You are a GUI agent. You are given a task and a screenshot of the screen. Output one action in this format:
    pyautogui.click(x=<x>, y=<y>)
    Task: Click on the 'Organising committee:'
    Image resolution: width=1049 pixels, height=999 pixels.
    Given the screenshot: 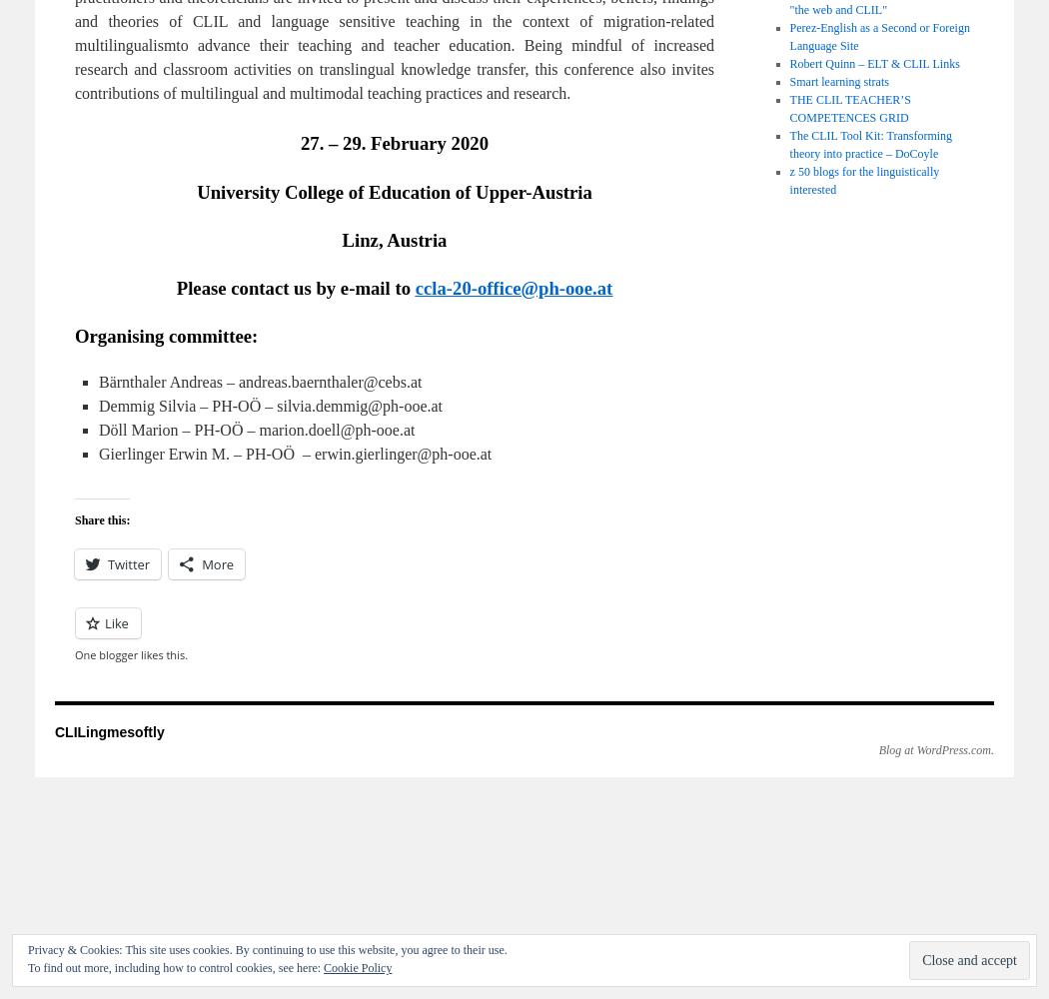 What is the action you would take?
    pyautogui.click(x=166, y=334)
    